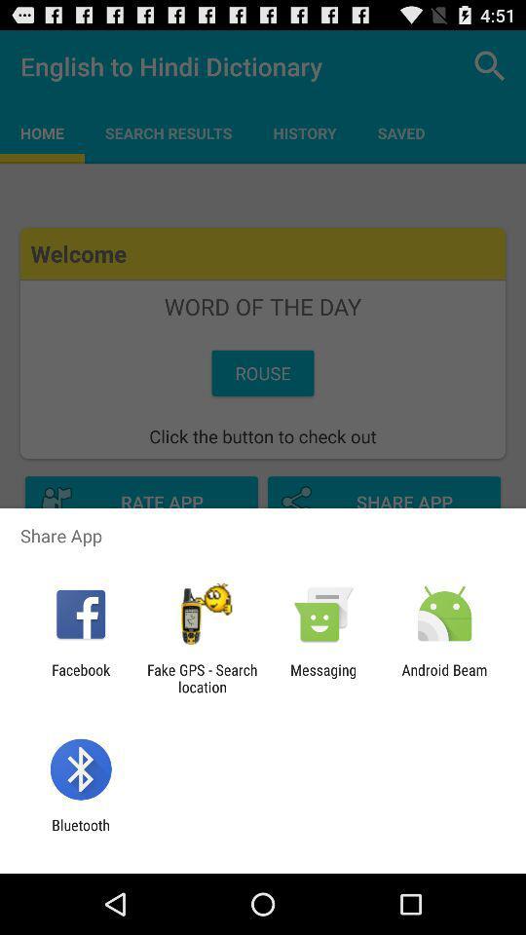  I want to click on android beam app, so click(444, 678).